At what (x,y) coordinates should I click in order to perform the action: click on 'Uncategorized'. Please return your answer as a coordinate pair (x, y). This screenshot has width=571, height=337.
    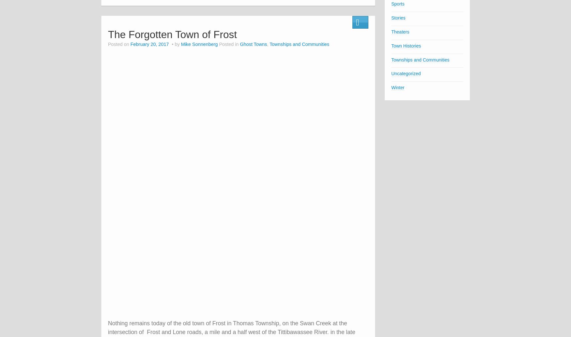
    Looking at the image, I should click on (406, 74).